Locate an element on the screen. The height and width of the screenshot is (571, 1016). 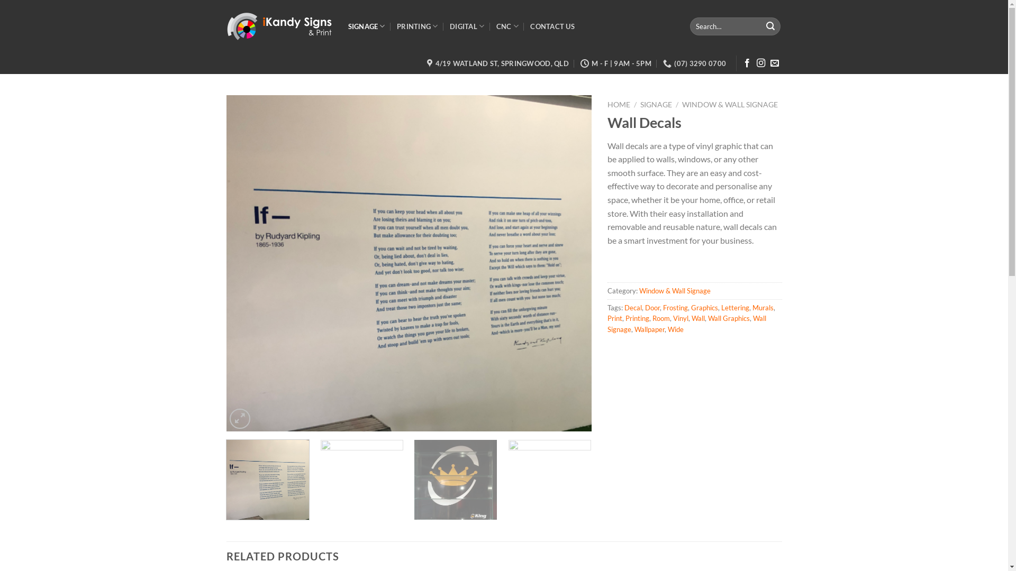
'Graphics' is located at coordinates (704, 308).